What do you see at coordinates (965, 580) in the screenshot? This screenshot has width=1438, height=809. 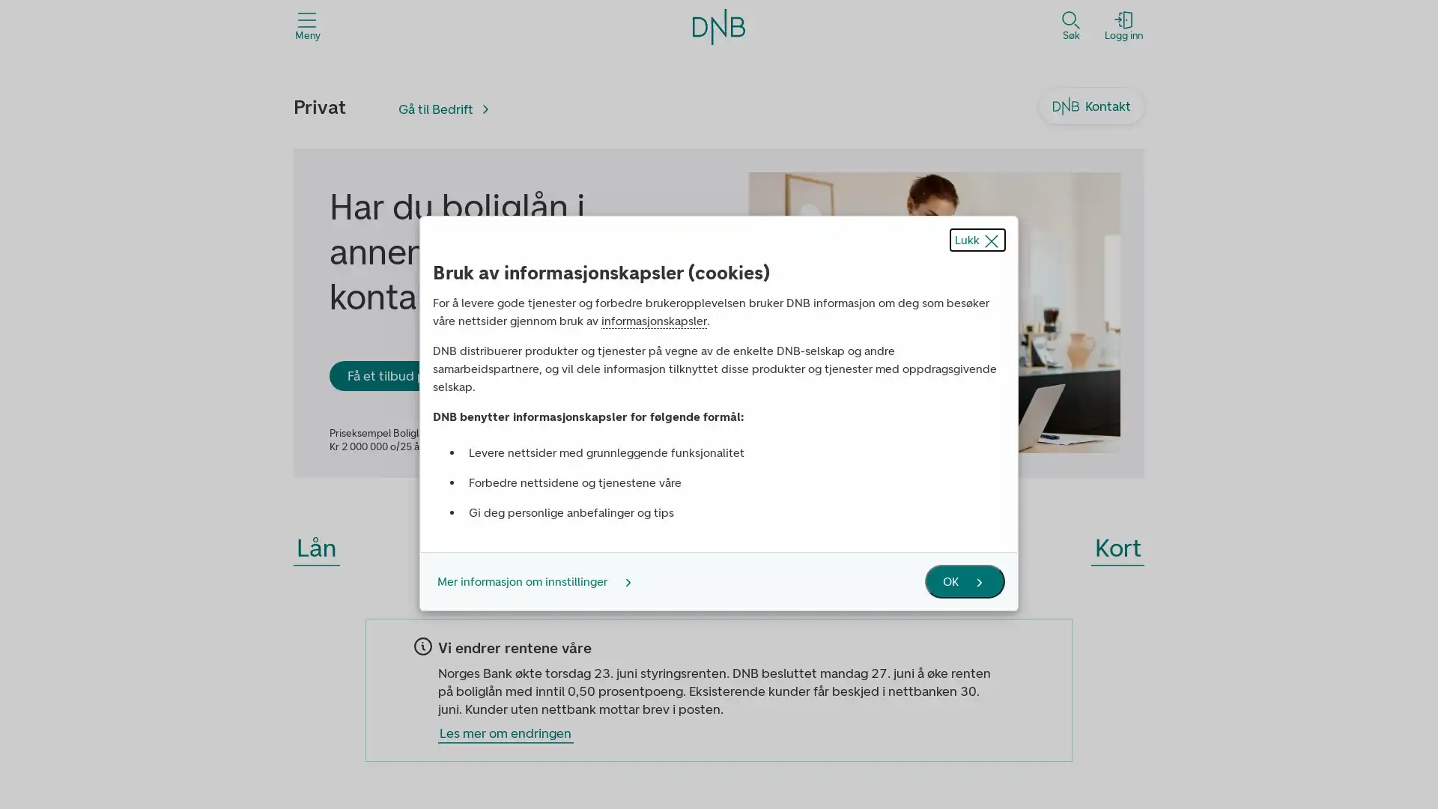 I see `OK` at bounding box center [965, 580].